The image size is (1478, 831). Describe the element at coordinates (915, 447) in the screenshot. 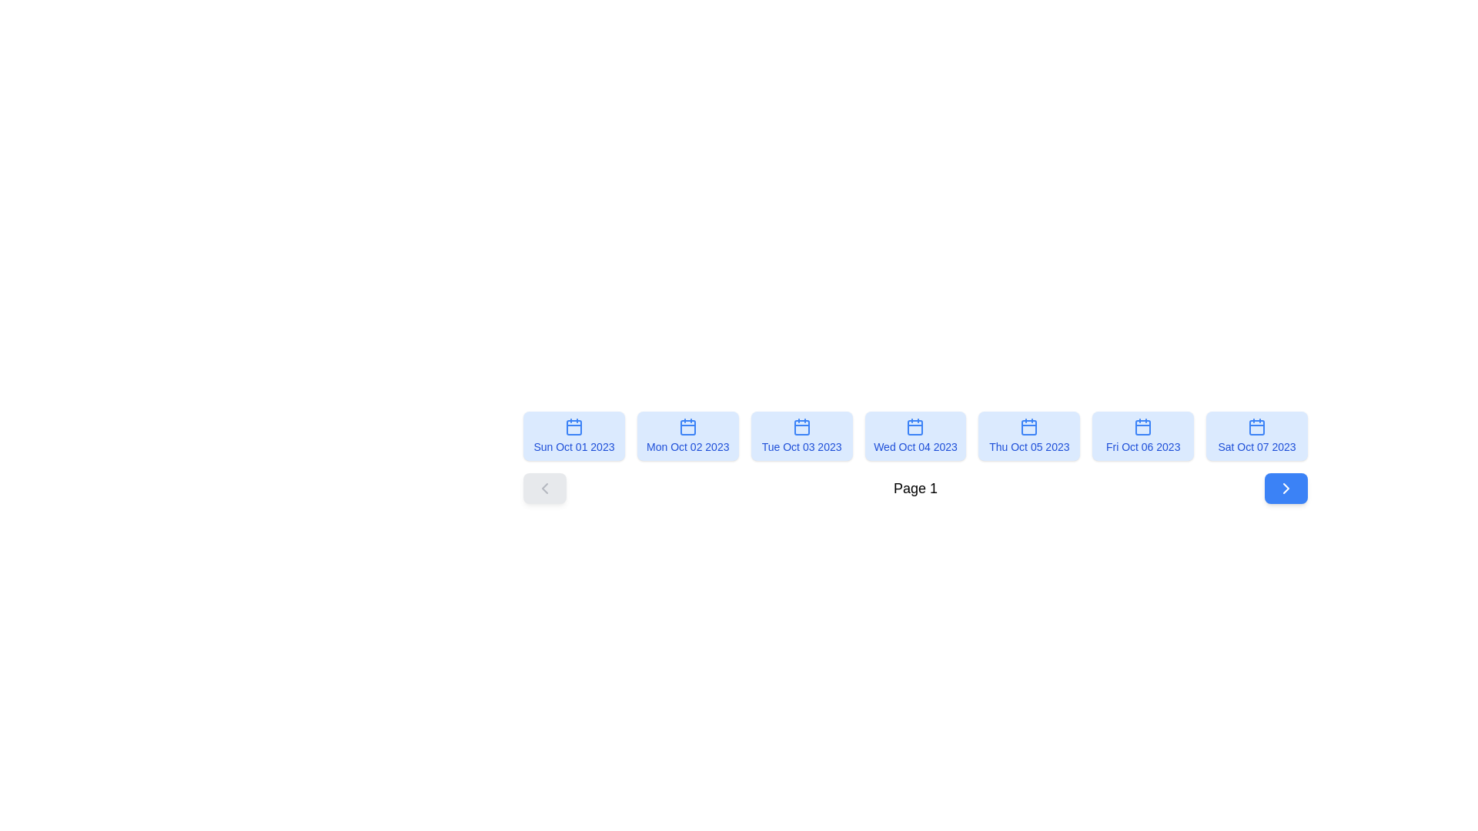

I see `date displayed in the text label below the icon representing the selected date, which shows 'Wed Oct 04 2023'` at that location.